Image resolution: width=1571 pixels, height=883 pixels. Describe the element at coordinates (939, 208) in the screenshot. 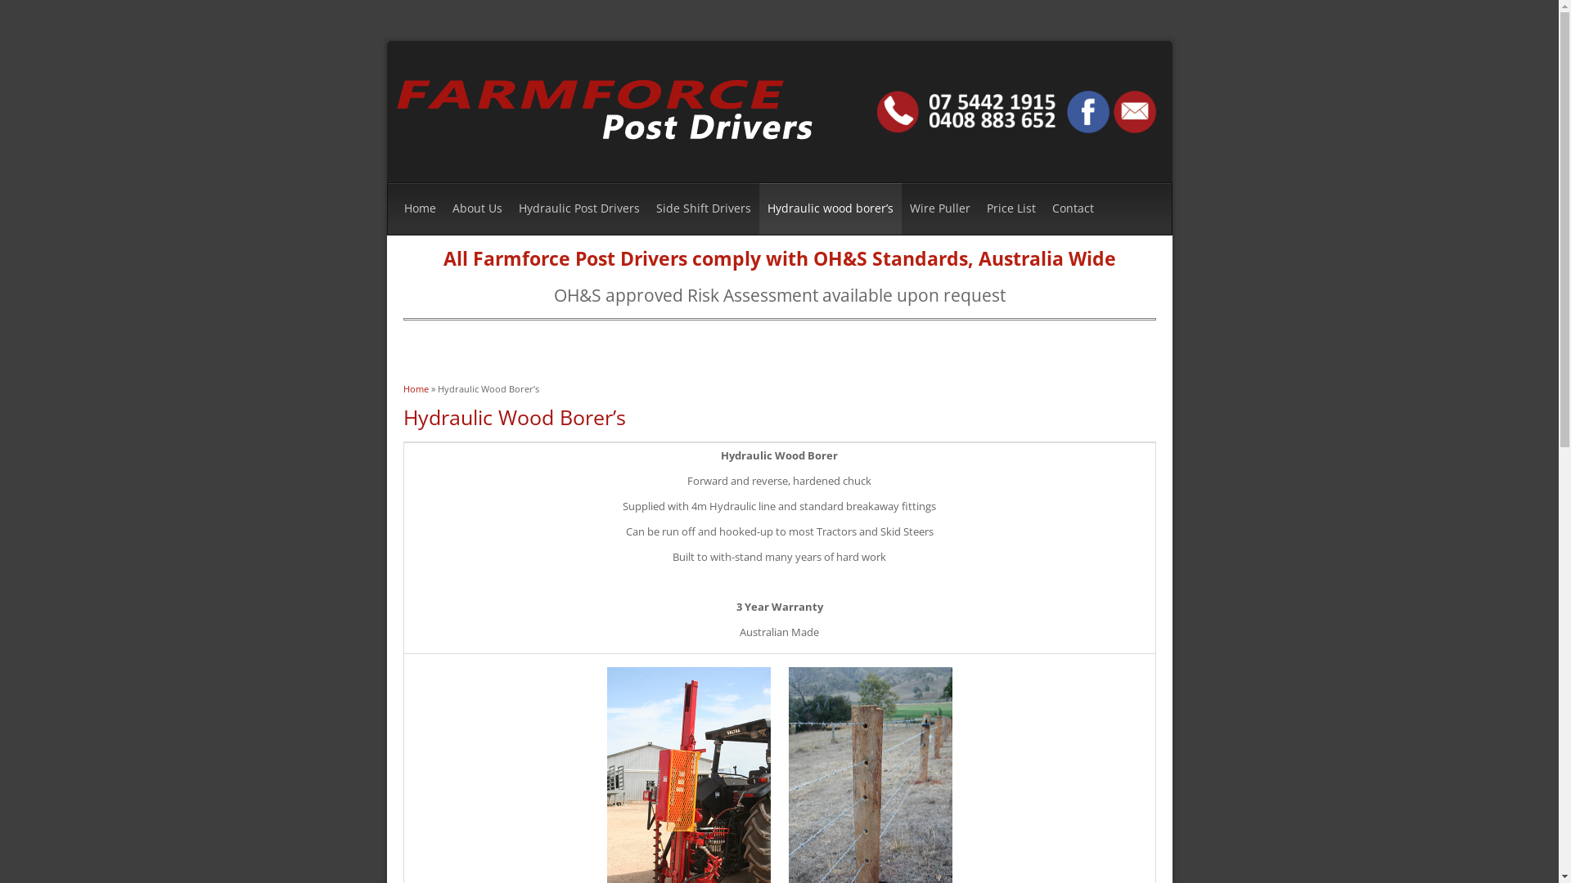

I see `'Wire Puller'` at that location.